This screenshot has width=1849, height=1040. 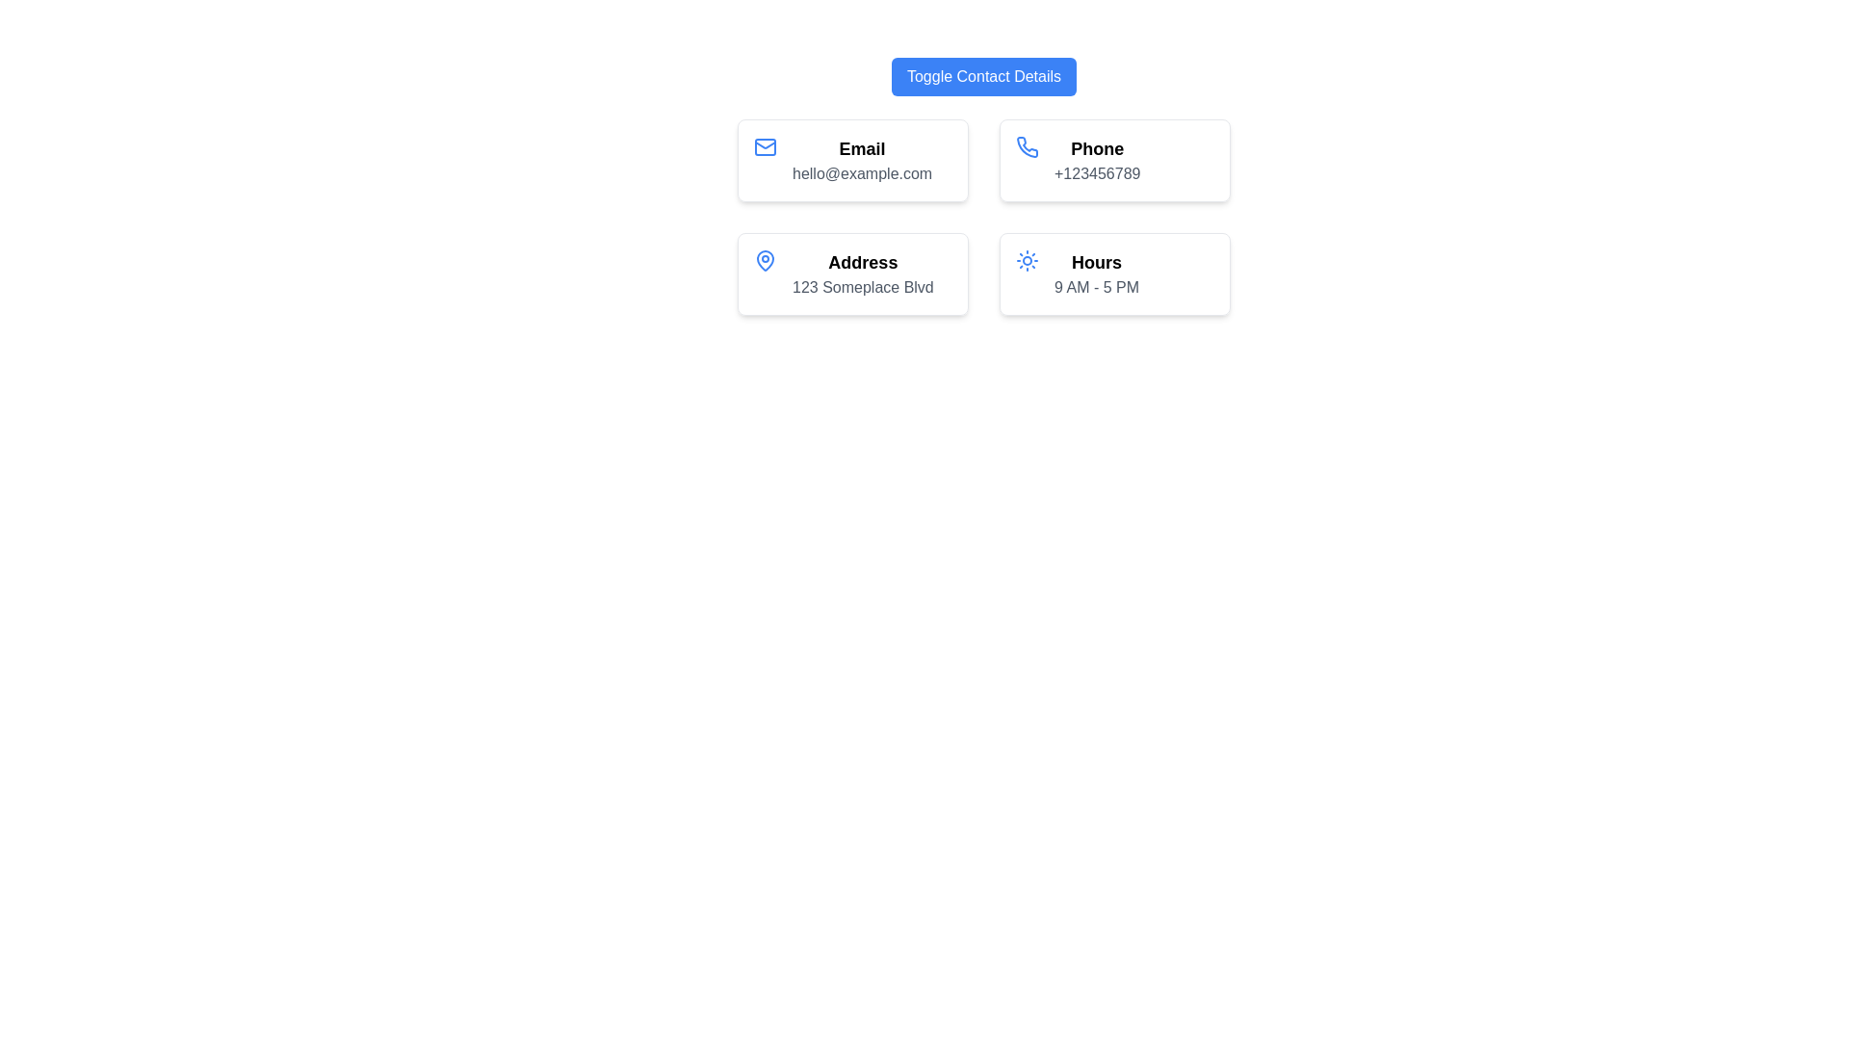 I want to click on the blue rectangular button labeled 'Toggle Contact Details', so click(x=984, y=76).